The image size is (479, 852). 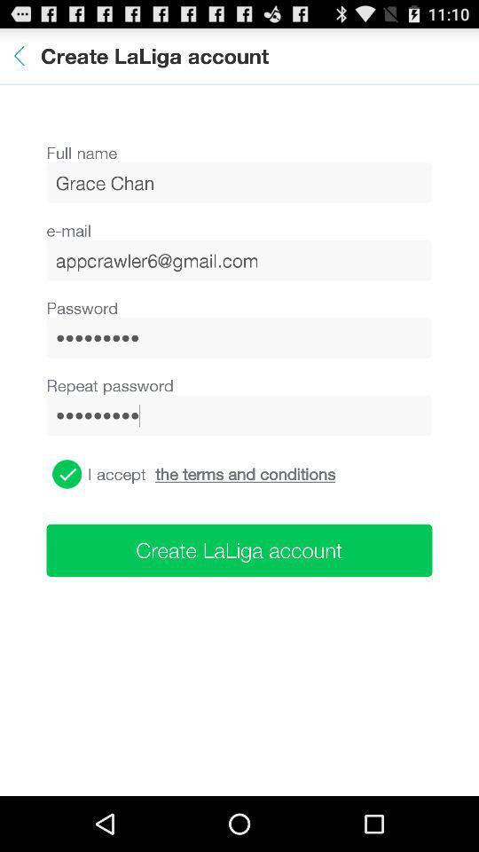 What do you see at coordinates (239, 259) in the screenshot?
I see `the icon below the e-mail` at bounding box center [239, 259].